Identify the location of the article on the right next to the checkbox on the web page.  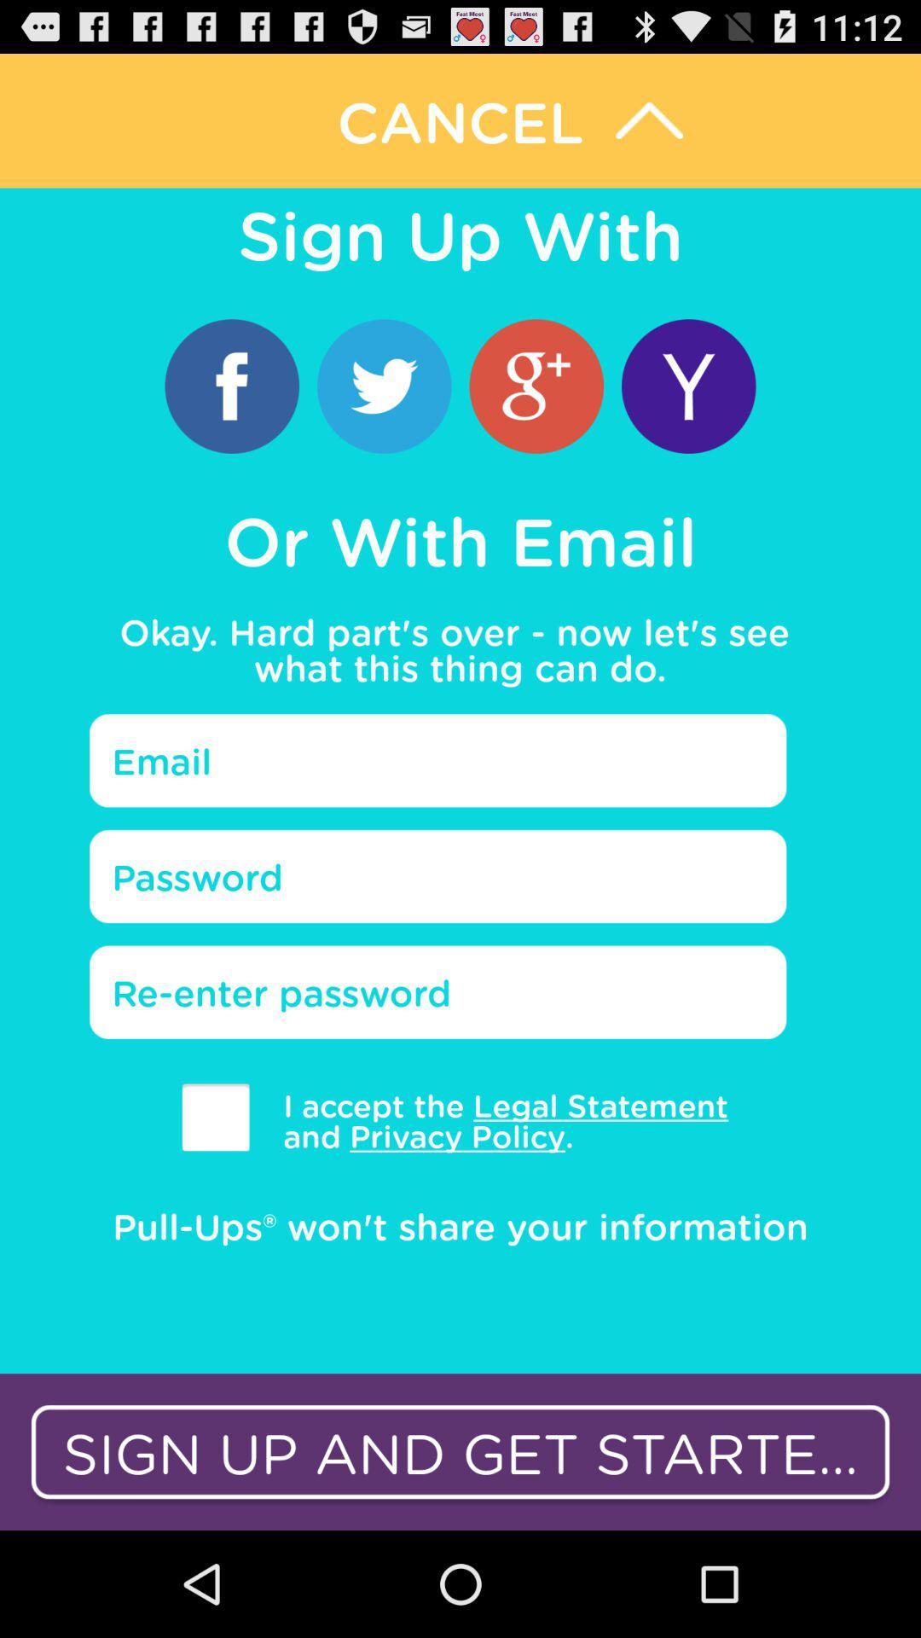
(494, 1120).